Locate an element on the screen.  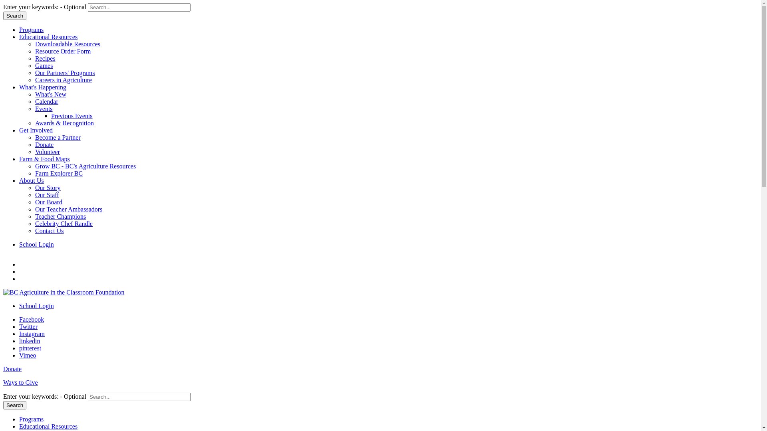
'Downloadable Resources' is located at coordinates (68, 44).